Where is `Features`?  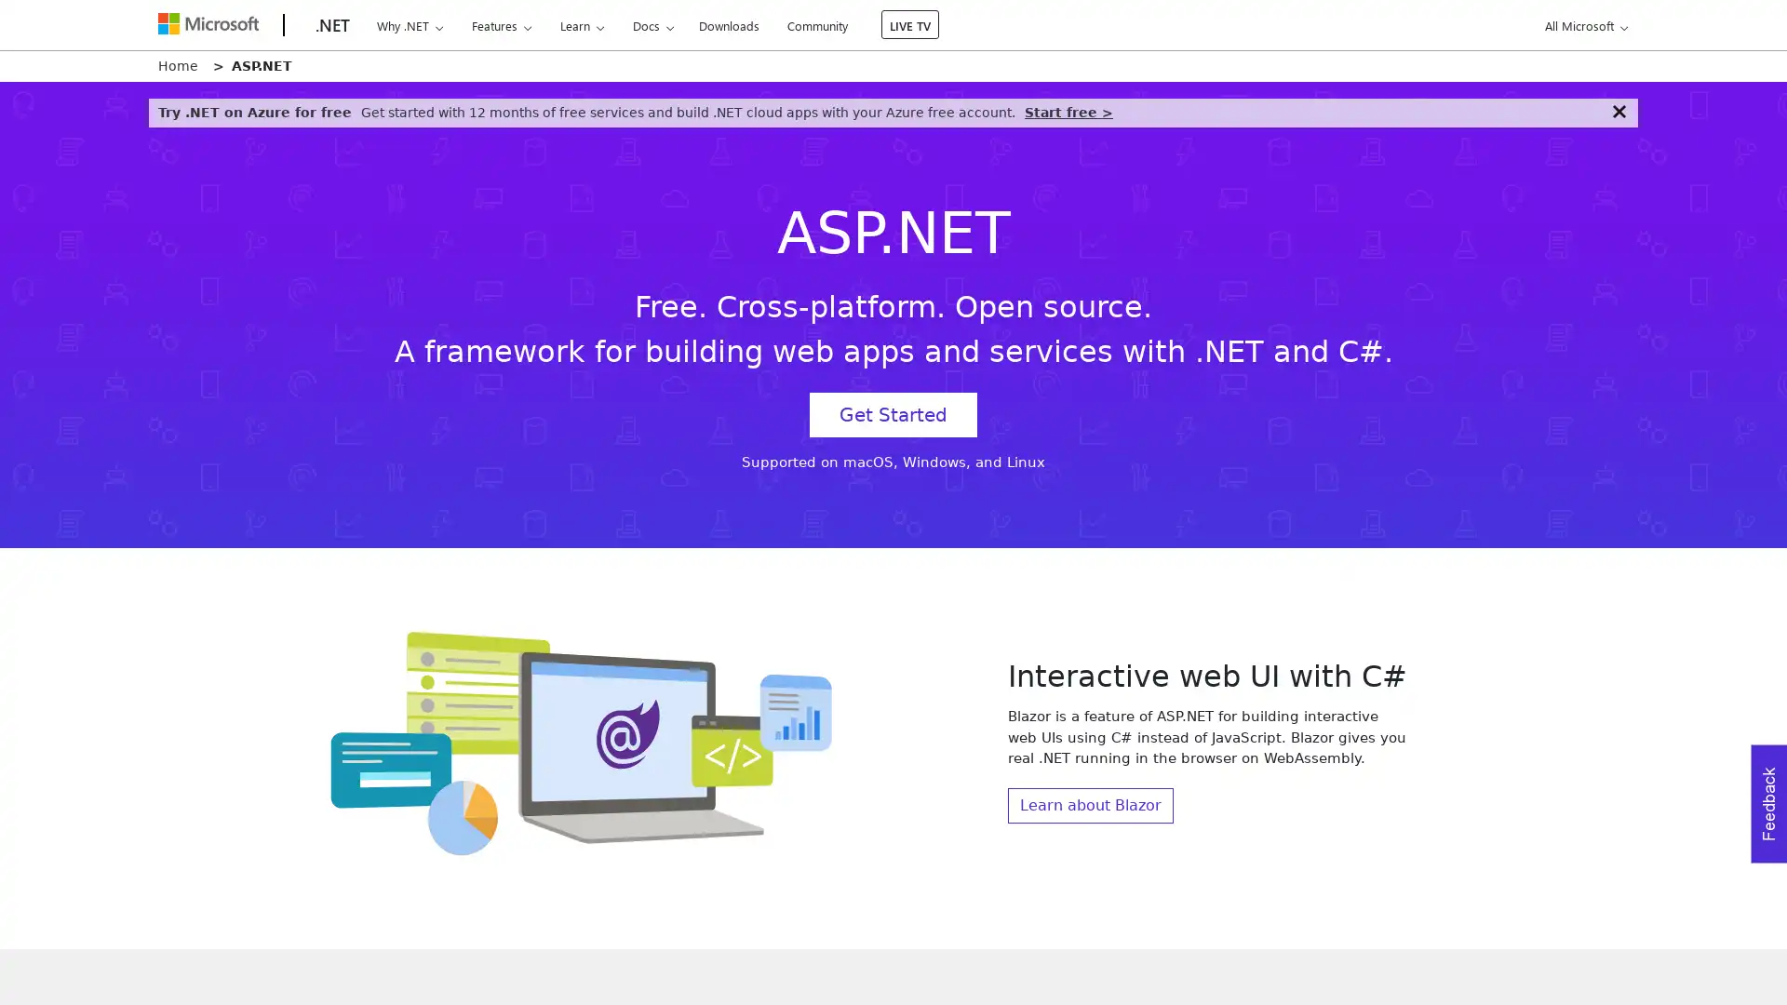 Features is located at coordinates (501, 25).